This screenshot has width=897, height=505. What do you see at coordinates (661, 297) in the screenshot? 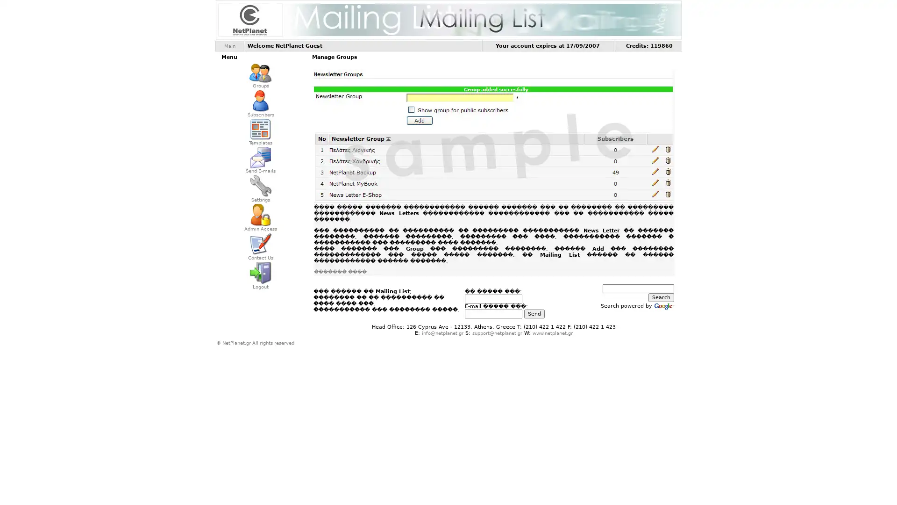
I see `Search` at bounding box center [661, 297].